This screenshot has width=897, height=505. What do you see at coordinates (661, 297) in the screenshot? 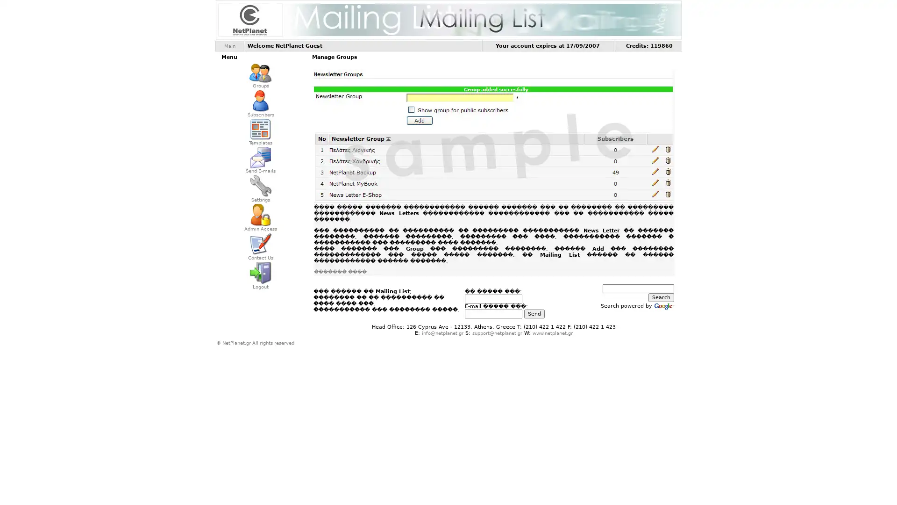
I see `Search` at bounding box center [661, 297].